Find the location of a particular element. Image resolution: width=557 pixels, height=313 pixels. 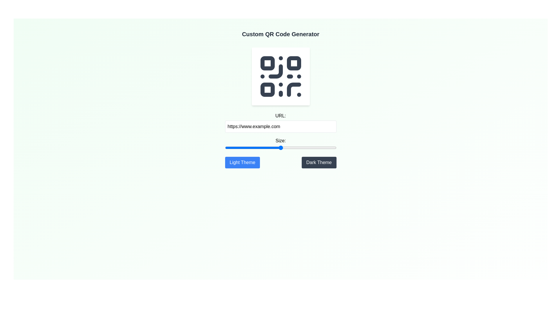

the slider is located at coordinates (308, 147).